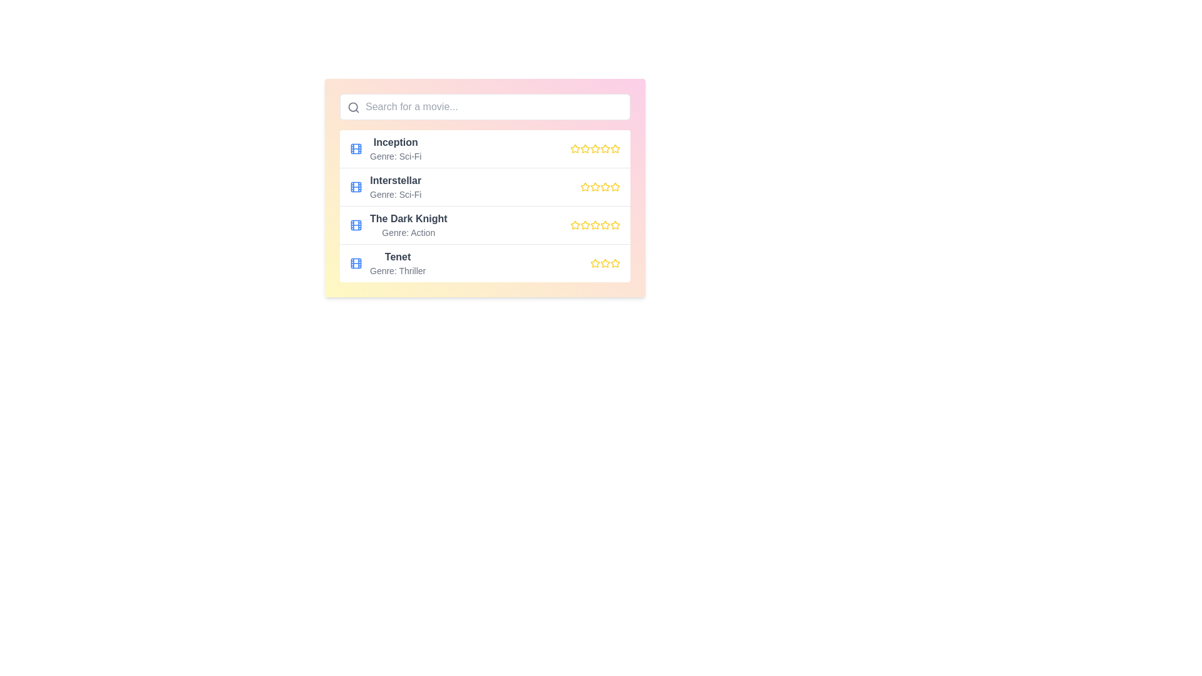 The image size is (1202, 676). Describe the element at coordinates (605, 224) in the screenshot. I see `the third yellow star icon in the rating system for 'The Dark Knight' movie` at that location.